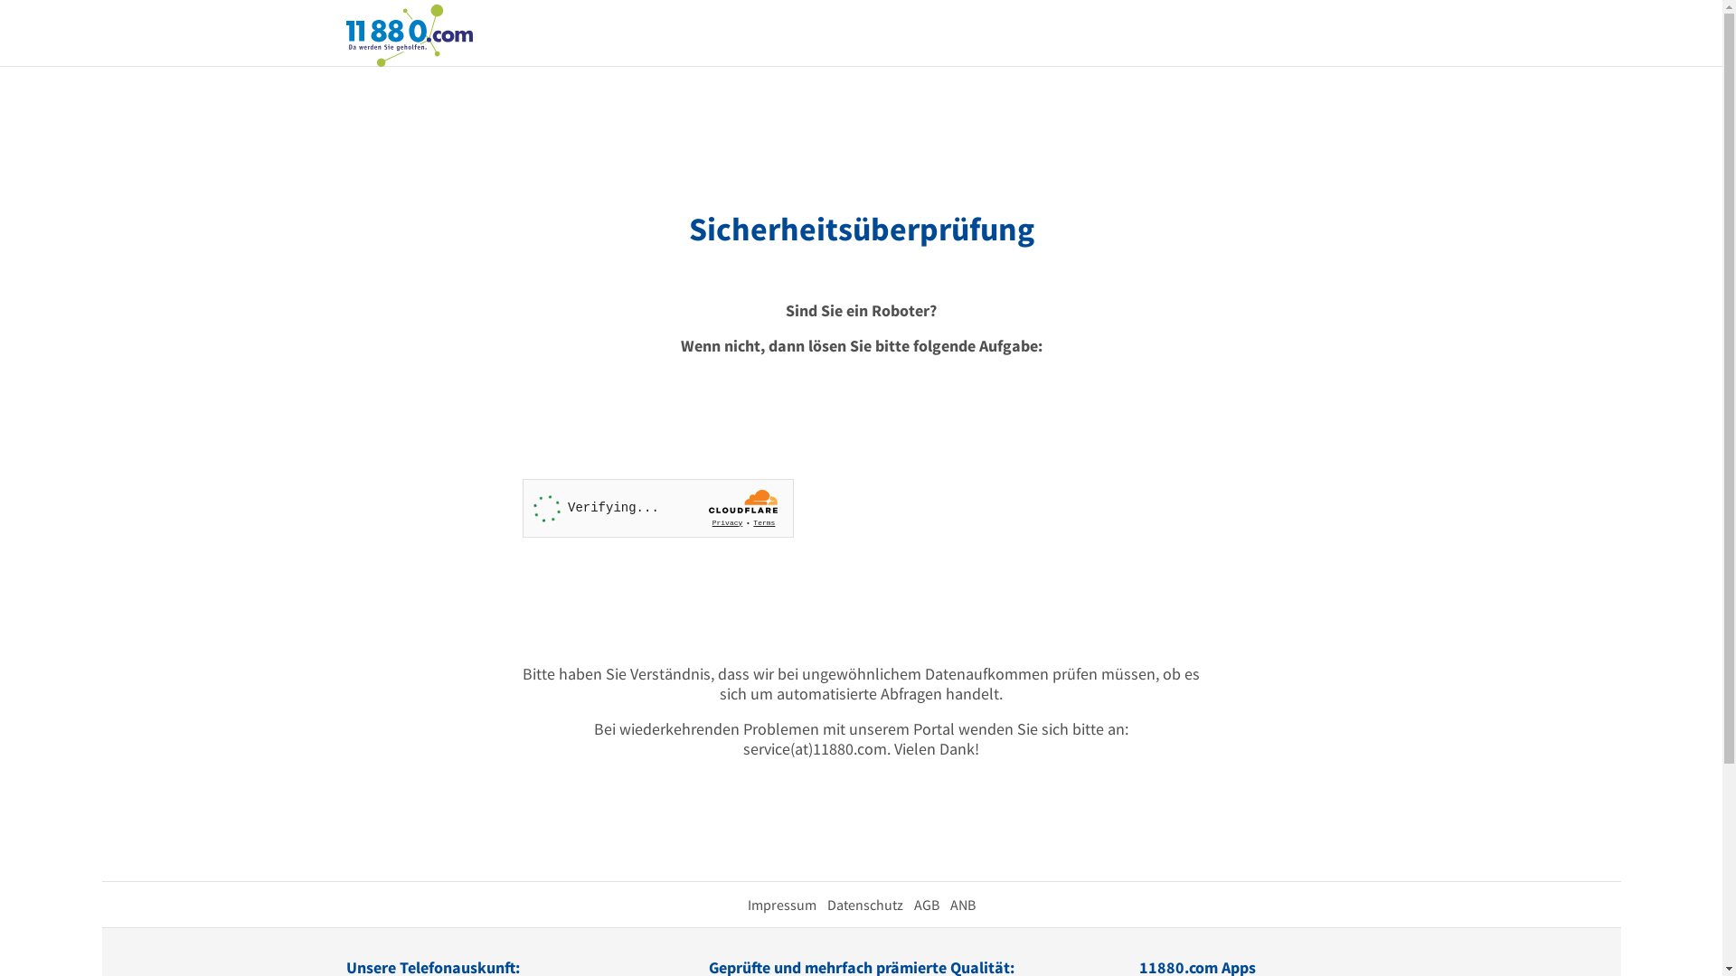  Describe the element at coordinates (961, 905) in the screenshot. I see `'ANB'` at that location.